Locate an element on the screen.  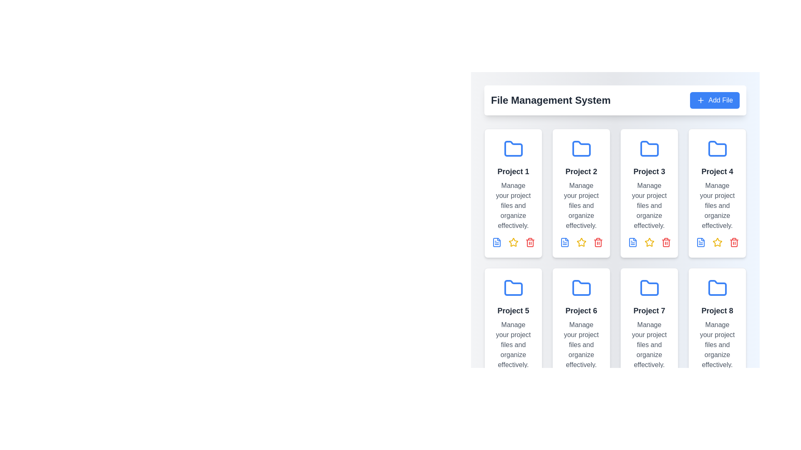
the SVG-based clickable icon located in the bottom-right corner of the card labeled 'Project 6' is located at coordinates (529, 243).